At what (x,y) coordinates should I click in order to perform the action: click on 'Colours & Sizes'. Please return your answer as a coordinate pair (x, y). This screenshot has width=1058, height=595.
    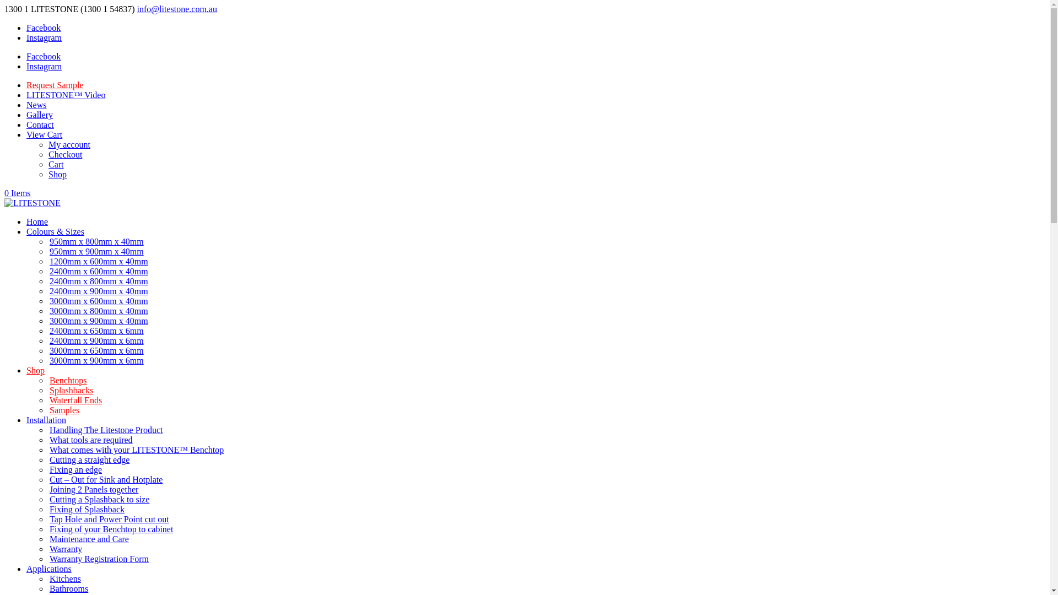
    Looking at the image, I should click on (55, 231).